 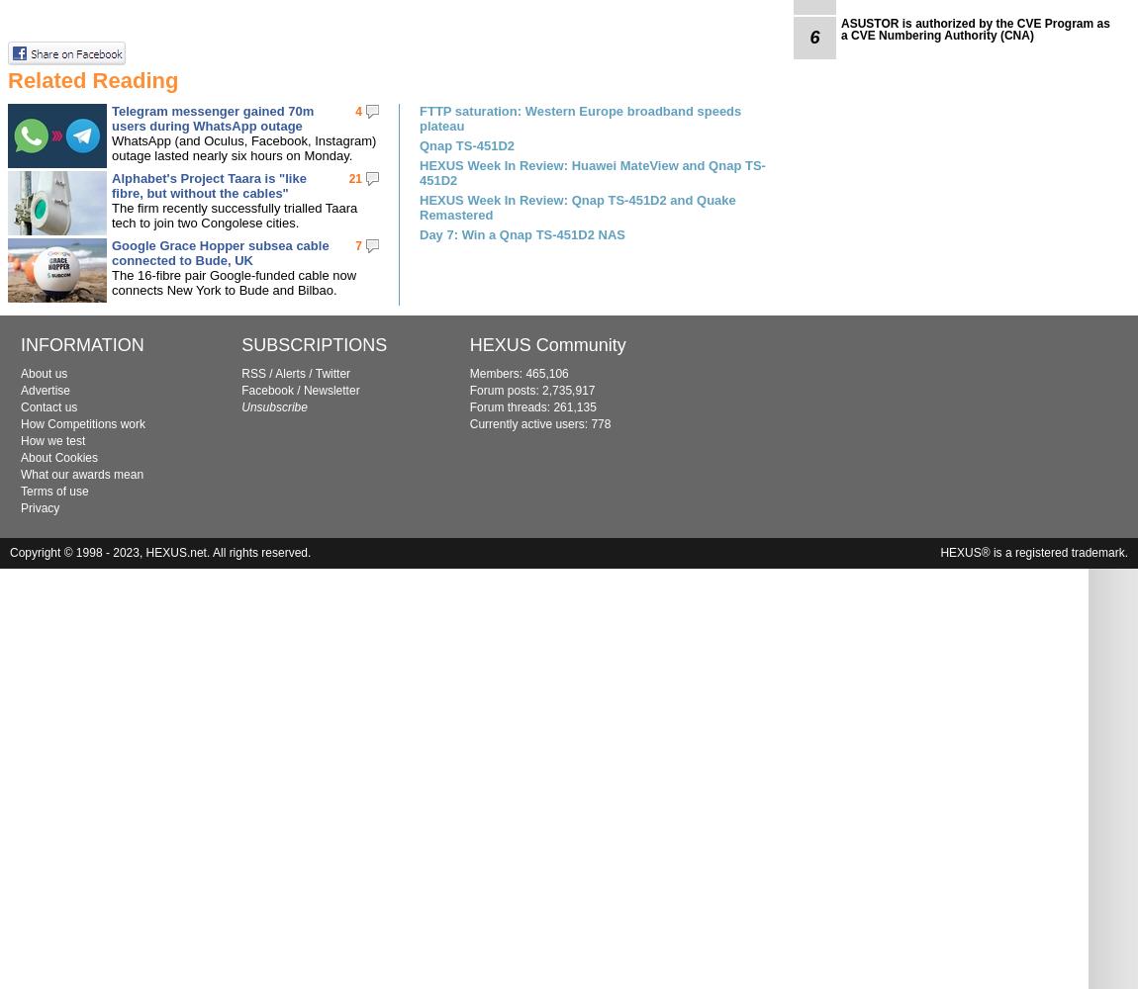 What do you see at coordinates (1034, 553) in the screenshot?
I see `'HEXUS® is a registered trademark.'` at bounding box center [1034, 553].